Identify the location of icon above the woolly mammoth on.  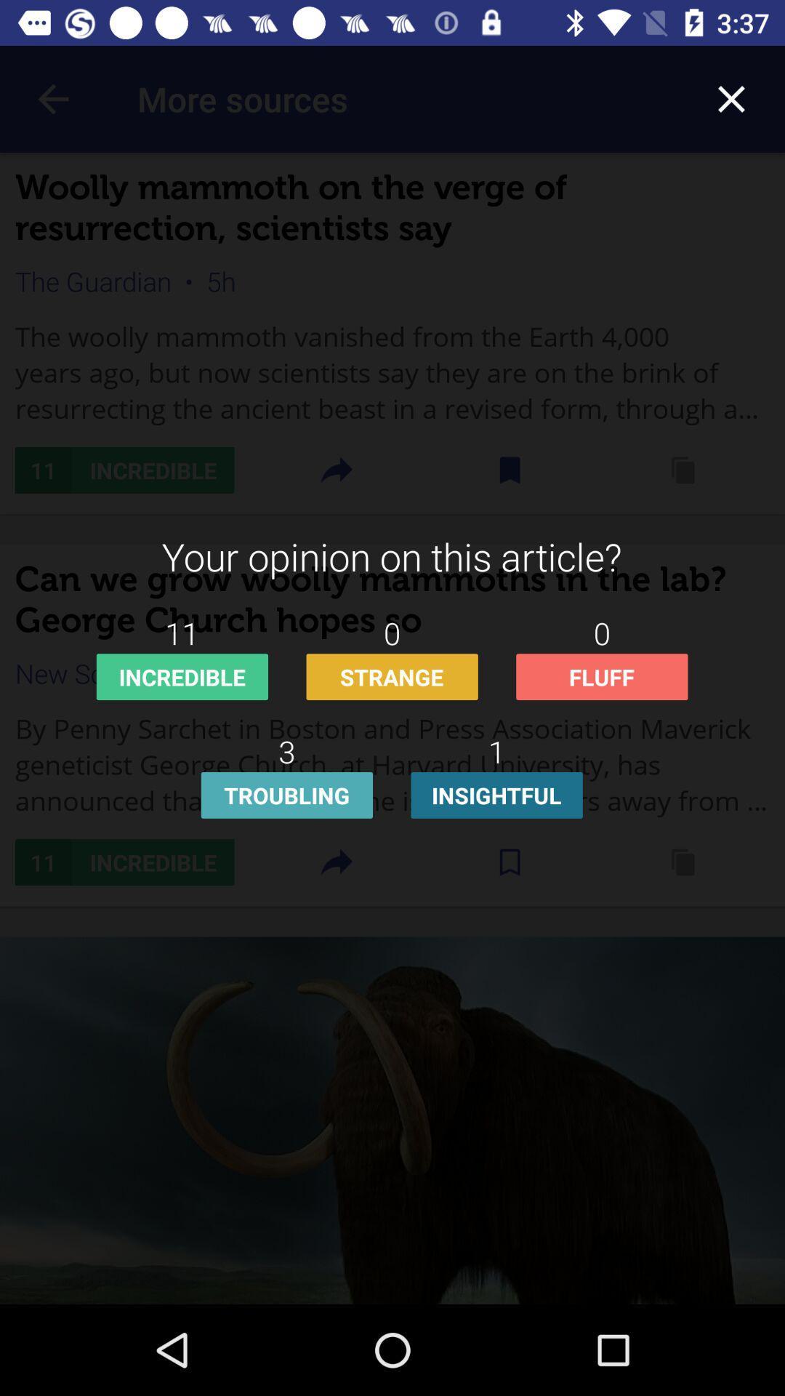
(731, 98).